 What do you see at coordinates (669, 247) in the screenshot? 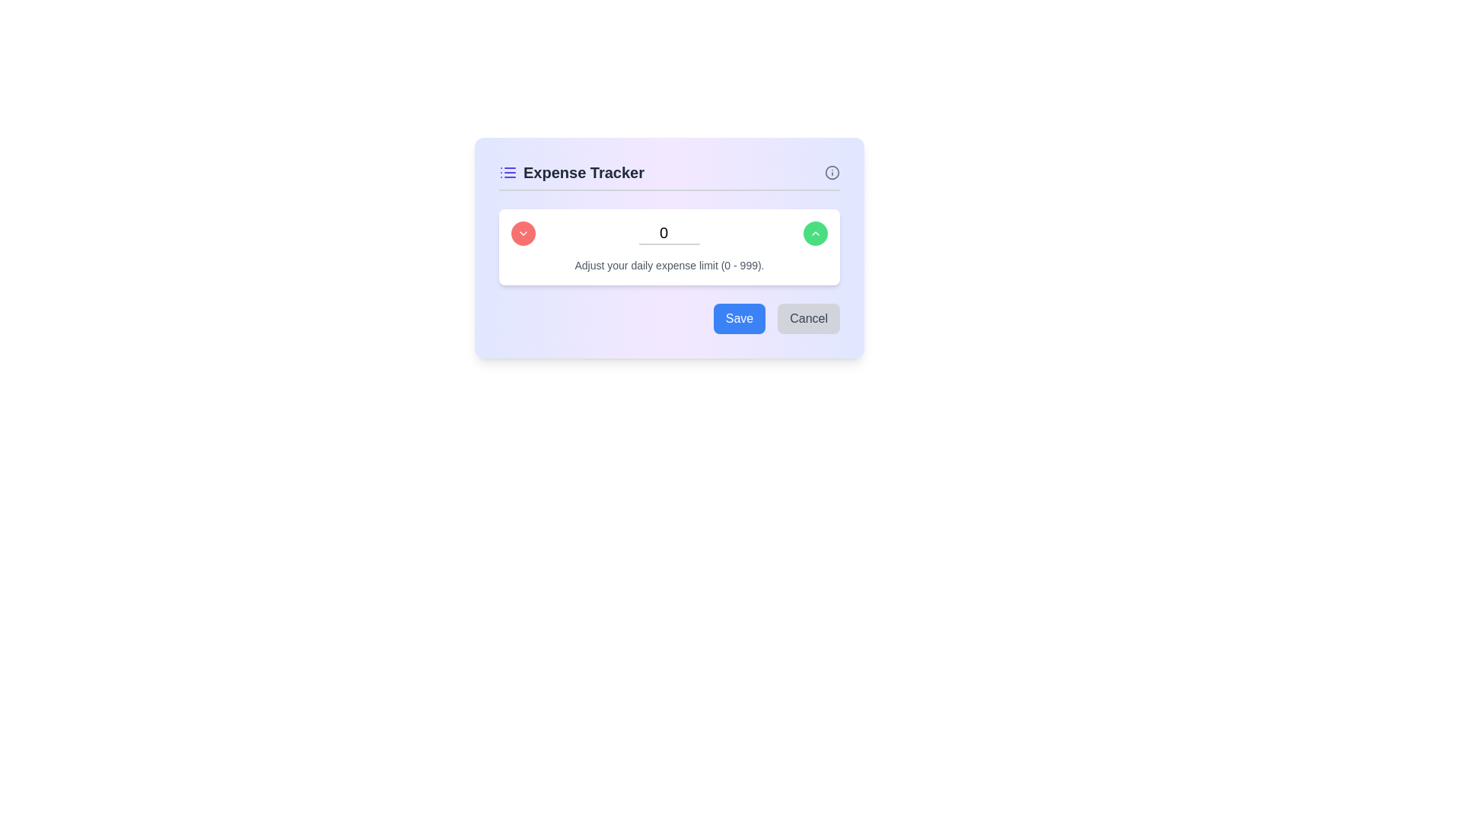
I see `the buttons inside the Expense Tracker panel with a gradient background transitioning from indigo to purple` at bounding box center [669, 247].